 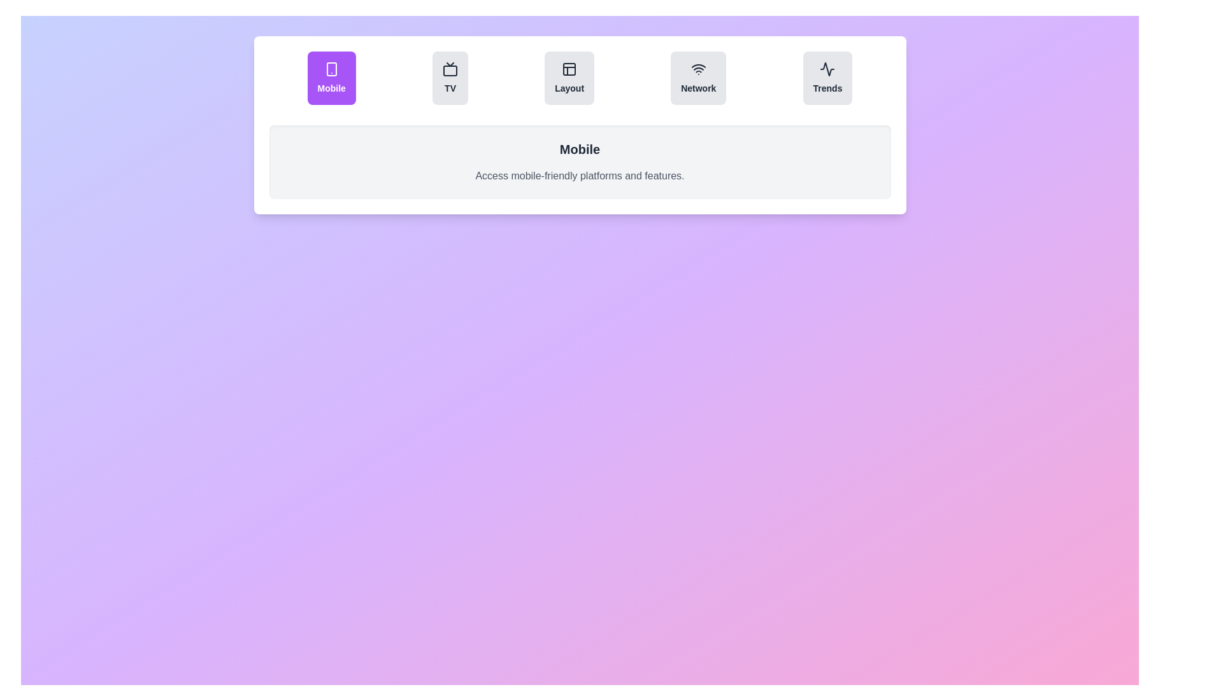 What do you see at coordinates (450, 78) in the screenshot?
I see `the rounded rectangular button with a light gray background that features a black outline of a TV shape and the text 'TV' in black, positioned between the 'Mobile' and 'Layout' buttons to possibly highlight it or display a tooltip` at bounding box center [450, 78].